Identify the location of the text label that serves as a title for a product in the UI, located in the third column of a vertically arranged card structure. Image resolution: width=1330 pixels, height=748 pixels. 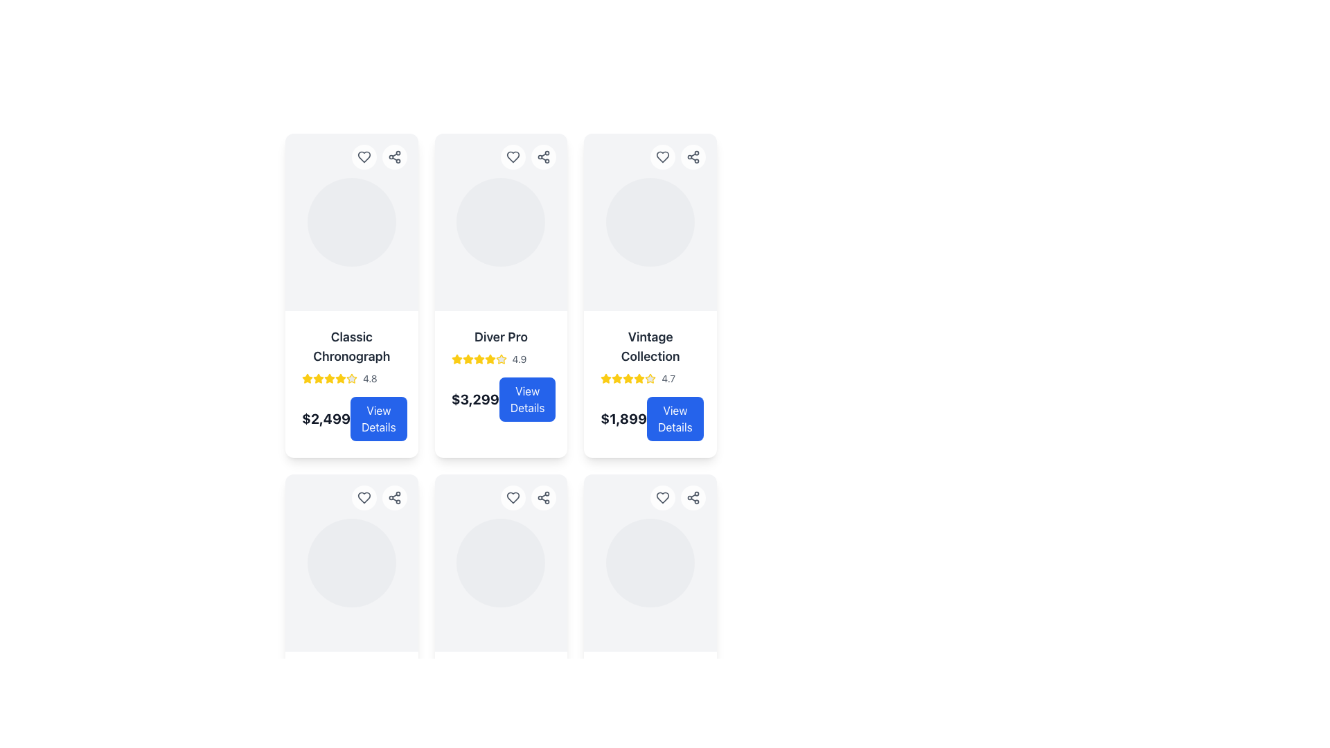
(650, 346).